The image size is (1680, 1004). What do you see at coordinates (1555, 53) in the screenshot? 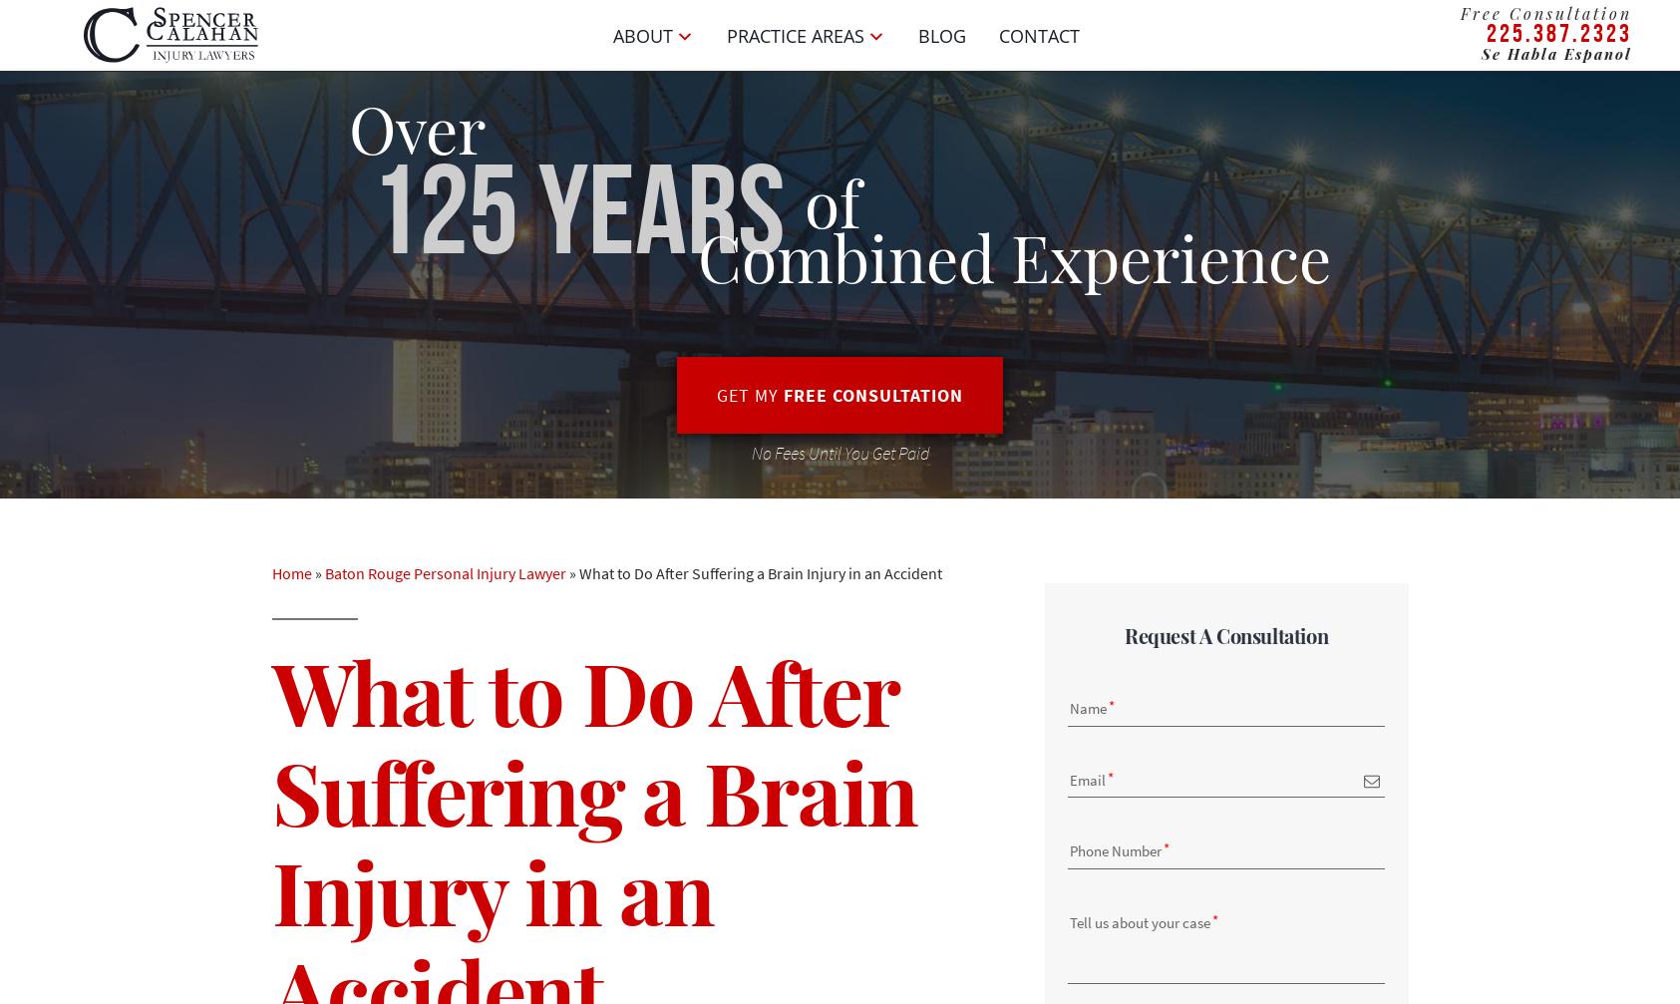
I see `'Se Habla Espanol'` at bounding box center [1555, 53].